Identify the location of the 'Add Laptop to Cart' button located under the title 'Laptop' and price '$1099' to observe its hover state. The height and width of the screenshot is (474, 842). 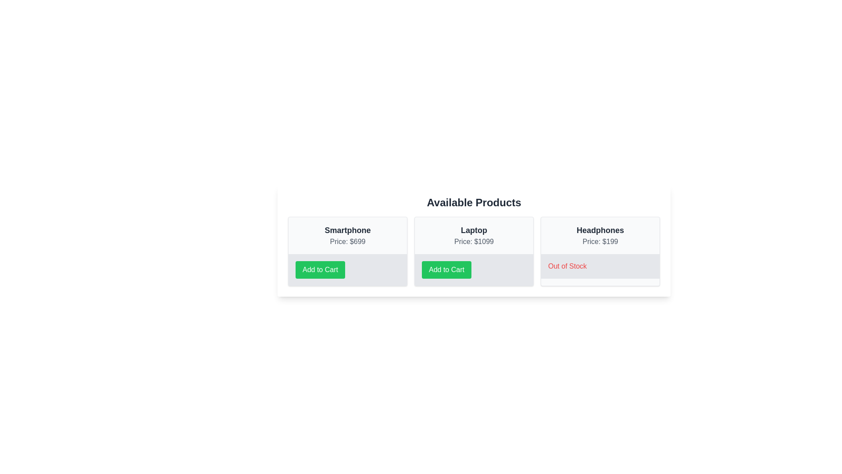
(473, 269).